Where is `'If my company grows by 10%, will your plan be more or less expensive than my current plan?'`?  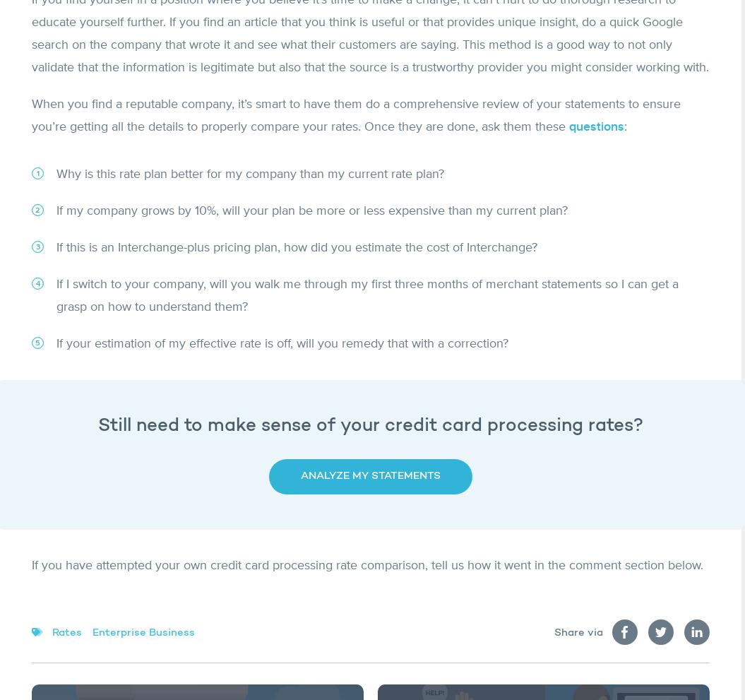
'If my company grows by 10%, will your plan be more or less expensive than my current plan?' is located at coordinates (55, 209).